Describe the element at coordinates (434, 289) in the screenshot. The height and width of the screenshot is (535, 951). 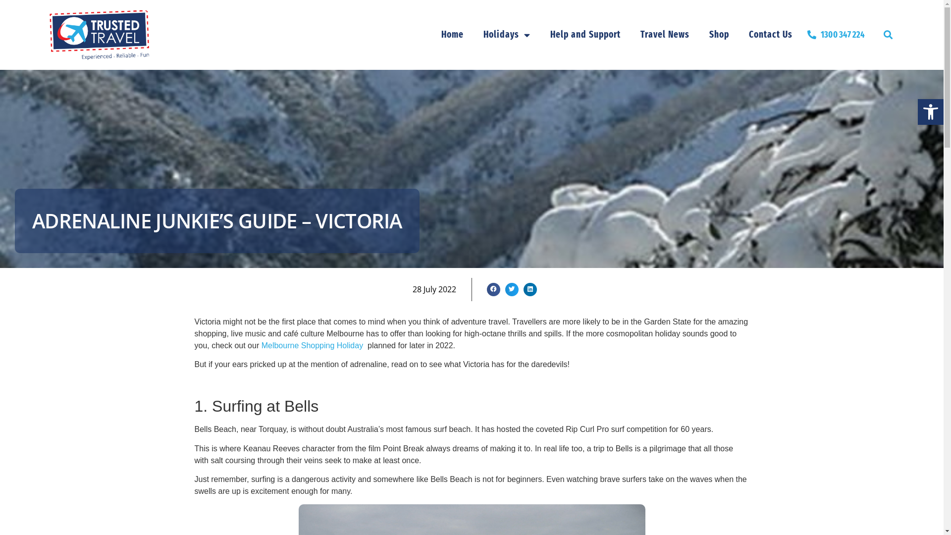
I see `'28 July 2022'` at that location.